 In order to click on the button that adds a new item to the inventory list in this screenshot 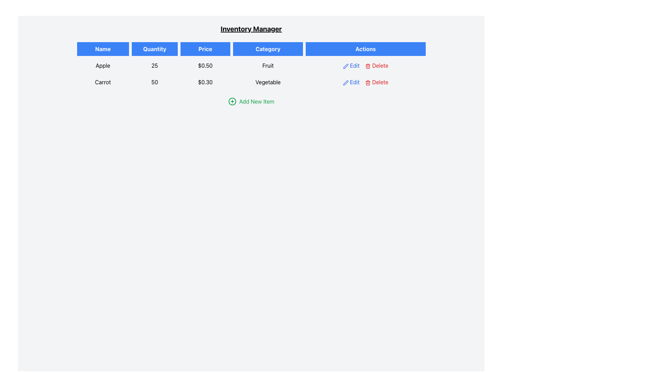, I will do `click(251, 101)`.